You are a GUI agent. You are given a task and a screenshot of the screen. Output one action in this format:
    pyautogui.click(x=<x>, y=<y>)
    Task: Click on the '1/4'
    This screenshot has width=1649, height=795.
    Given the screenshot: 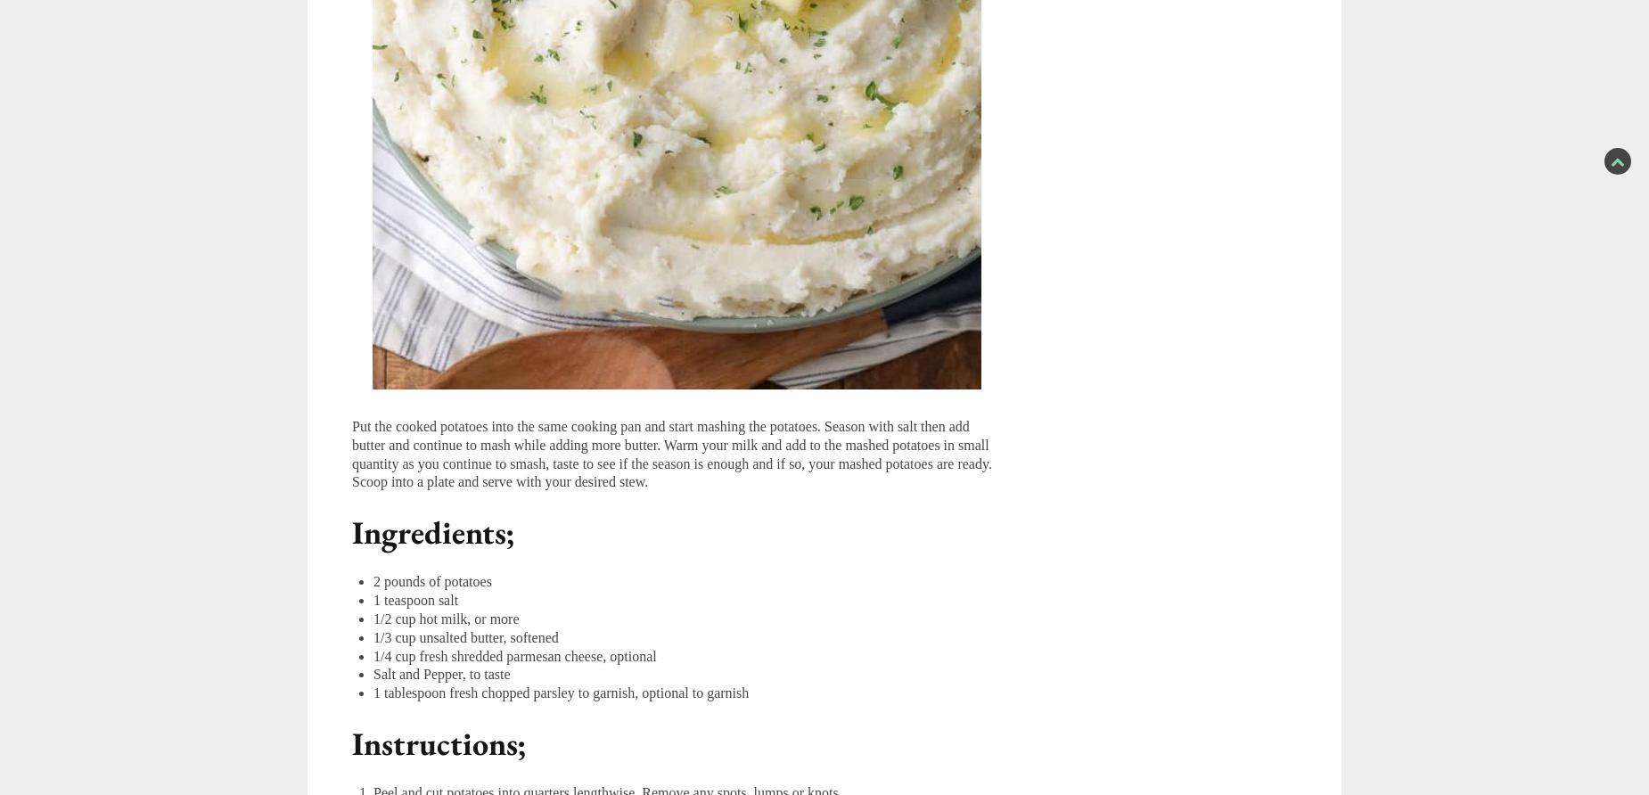 What is the action you would take?
    pyautogui.click(x=381, y=655)
    